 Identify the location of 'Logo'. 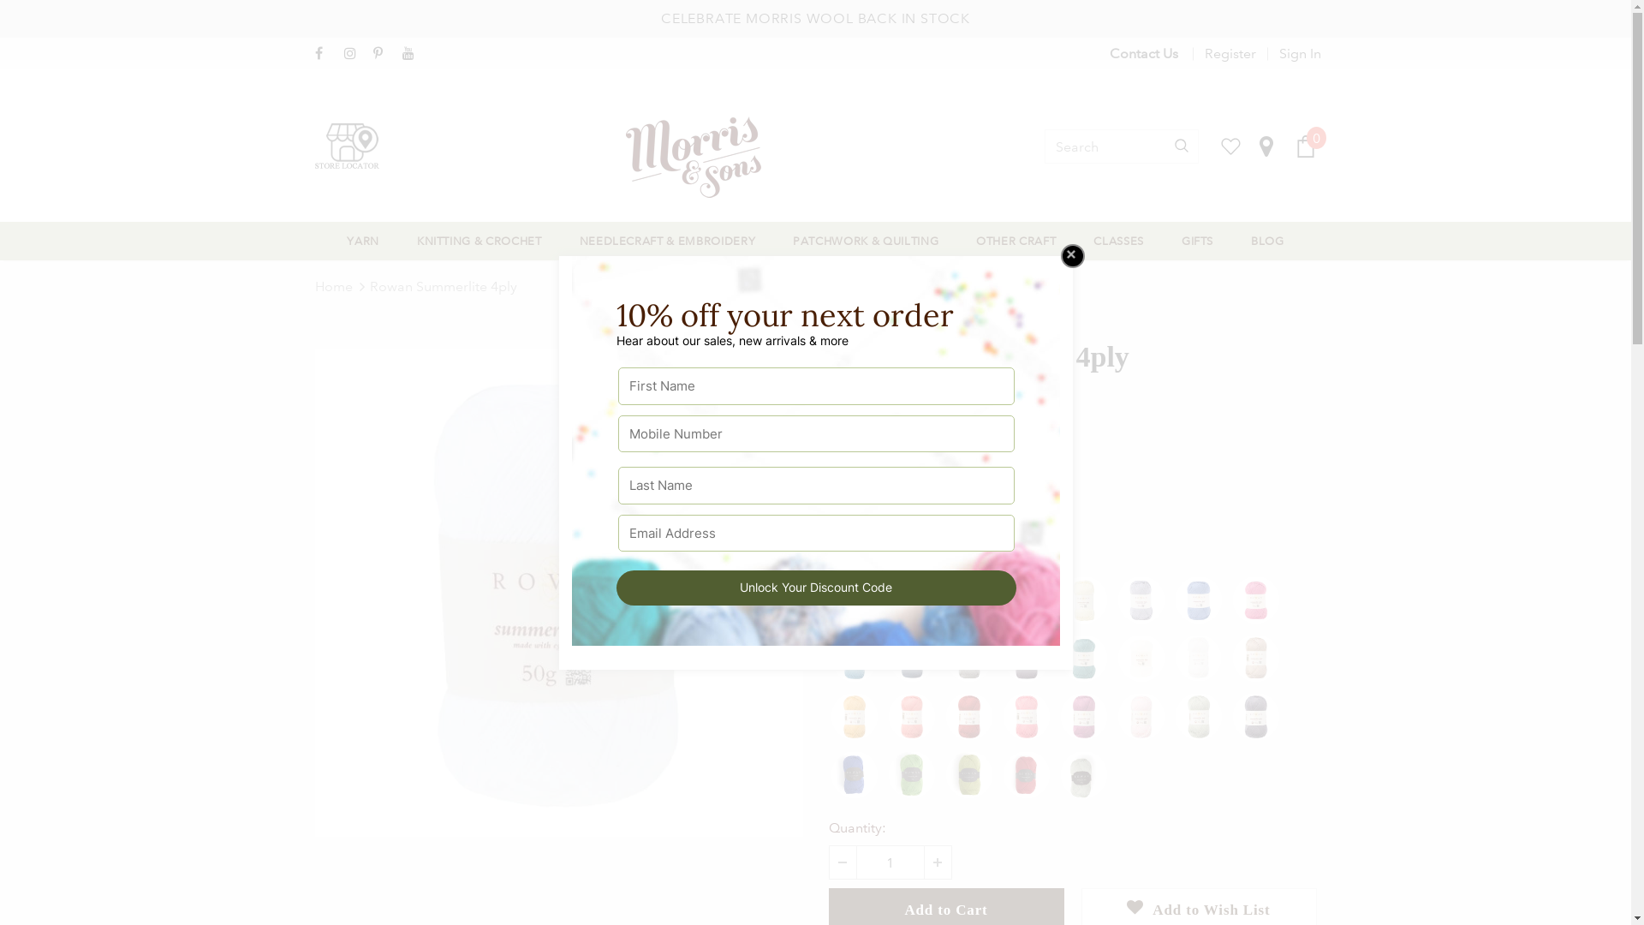
(711, 157).